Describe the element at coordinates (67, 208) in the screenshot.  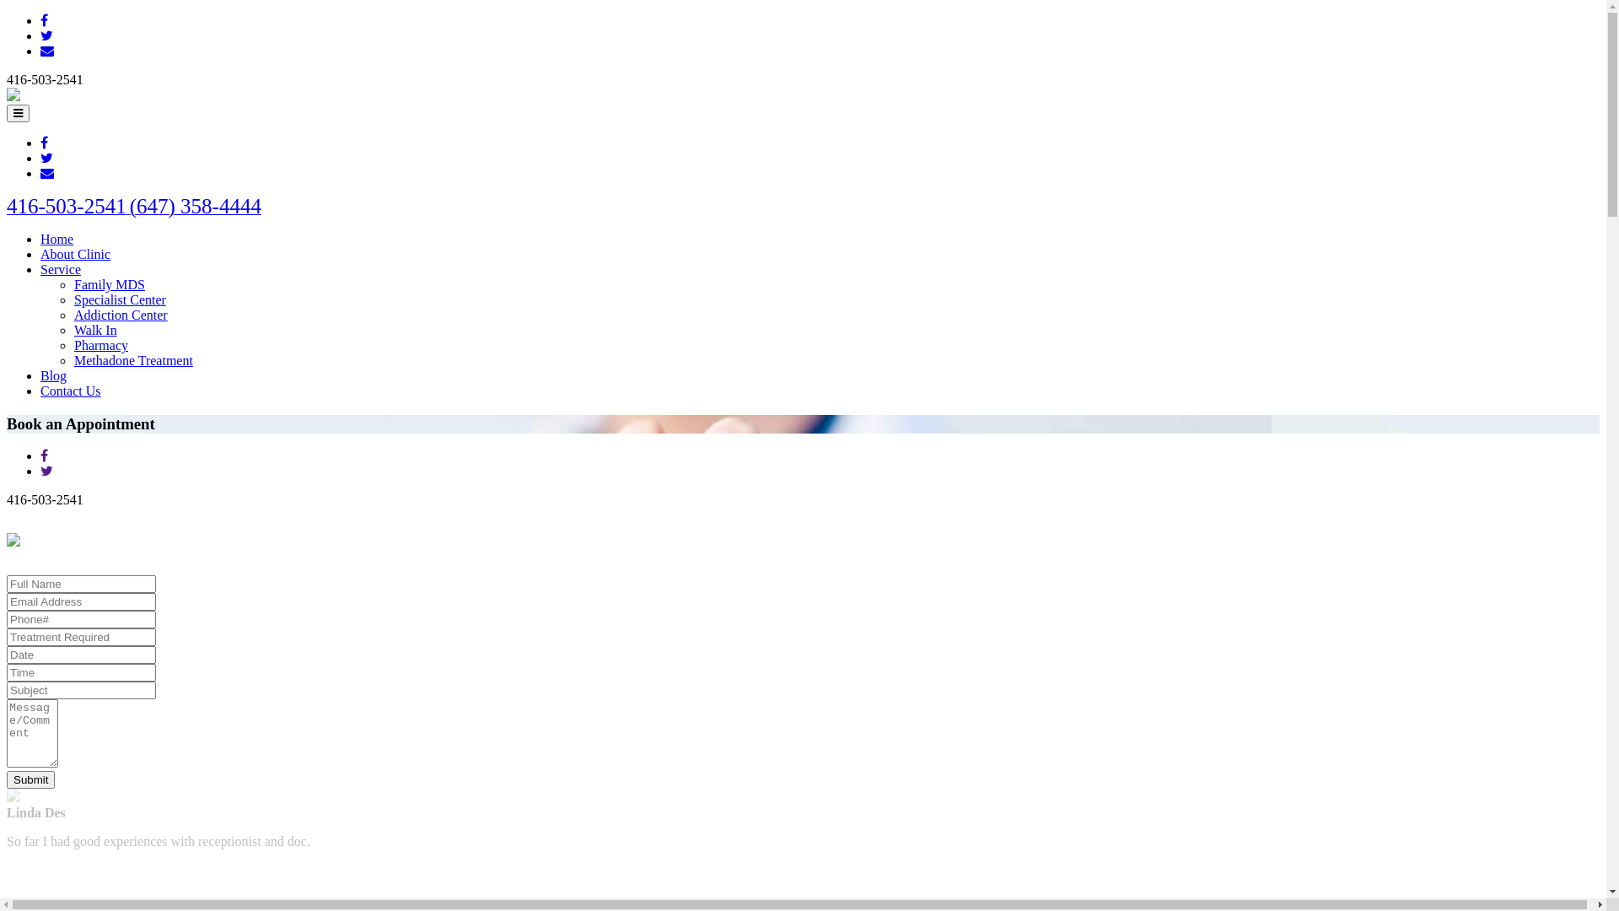
I see `'416-503-2541'` at that location.